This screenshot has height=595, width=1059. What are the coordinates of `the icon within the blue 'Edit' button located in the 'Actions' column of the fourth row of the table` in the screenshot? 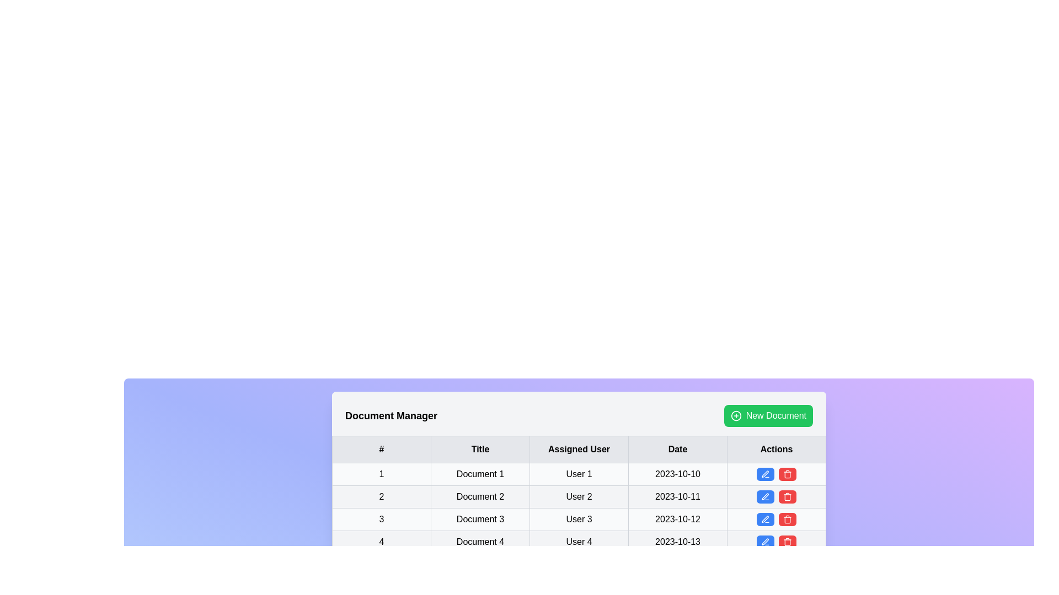 It's located at (764, 541).